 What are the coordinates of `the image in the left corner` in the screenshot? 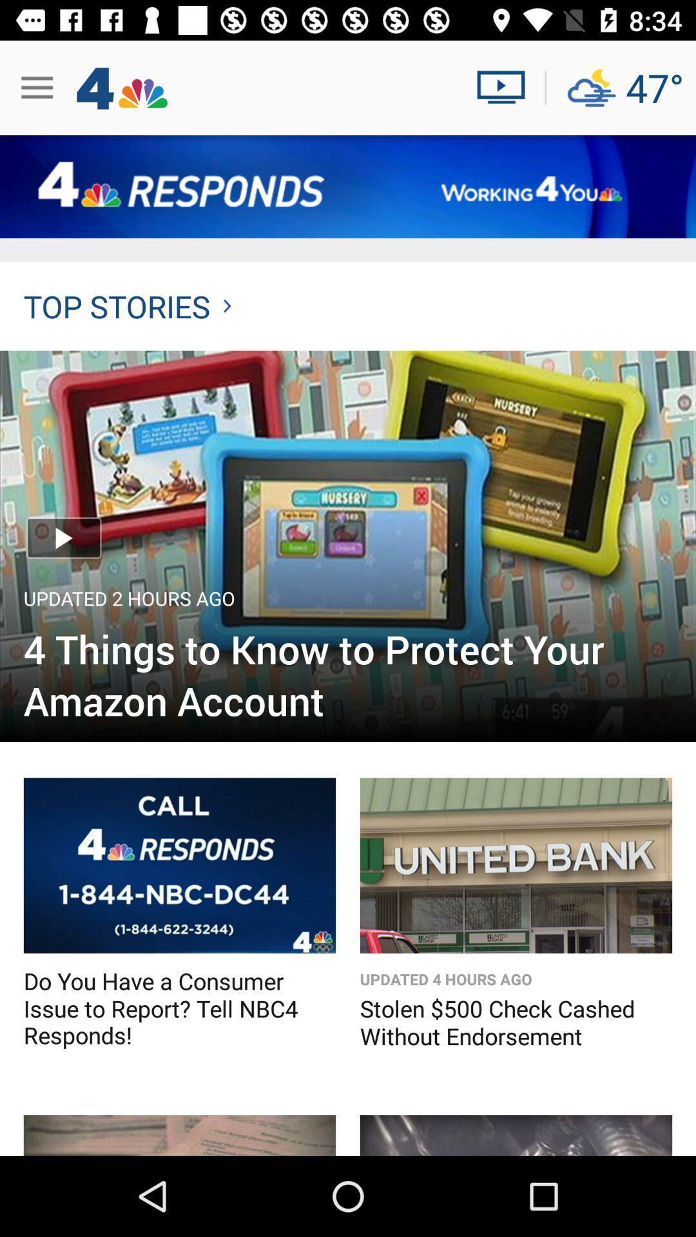 It's located at (179, 1135).